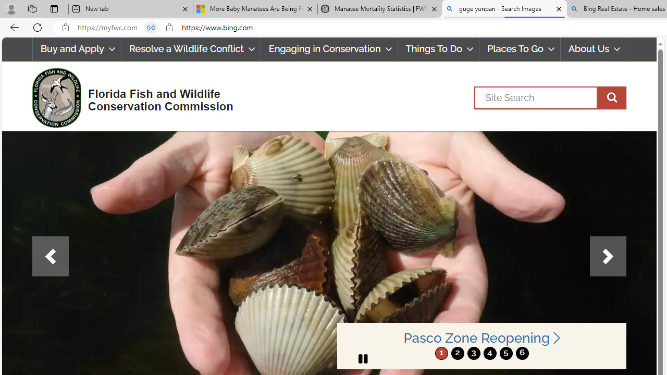 This screenshot has width=667, height=375. I want to click on 'Pasco Zone Reopening ', so click(481, 338).